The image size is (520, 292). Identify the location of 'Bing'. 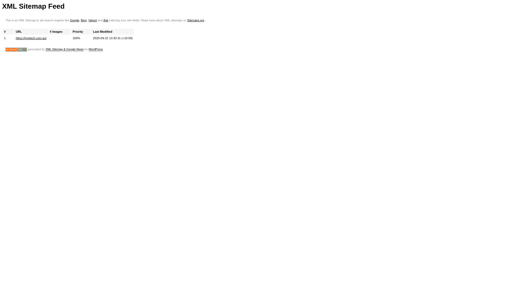
(83, 20).